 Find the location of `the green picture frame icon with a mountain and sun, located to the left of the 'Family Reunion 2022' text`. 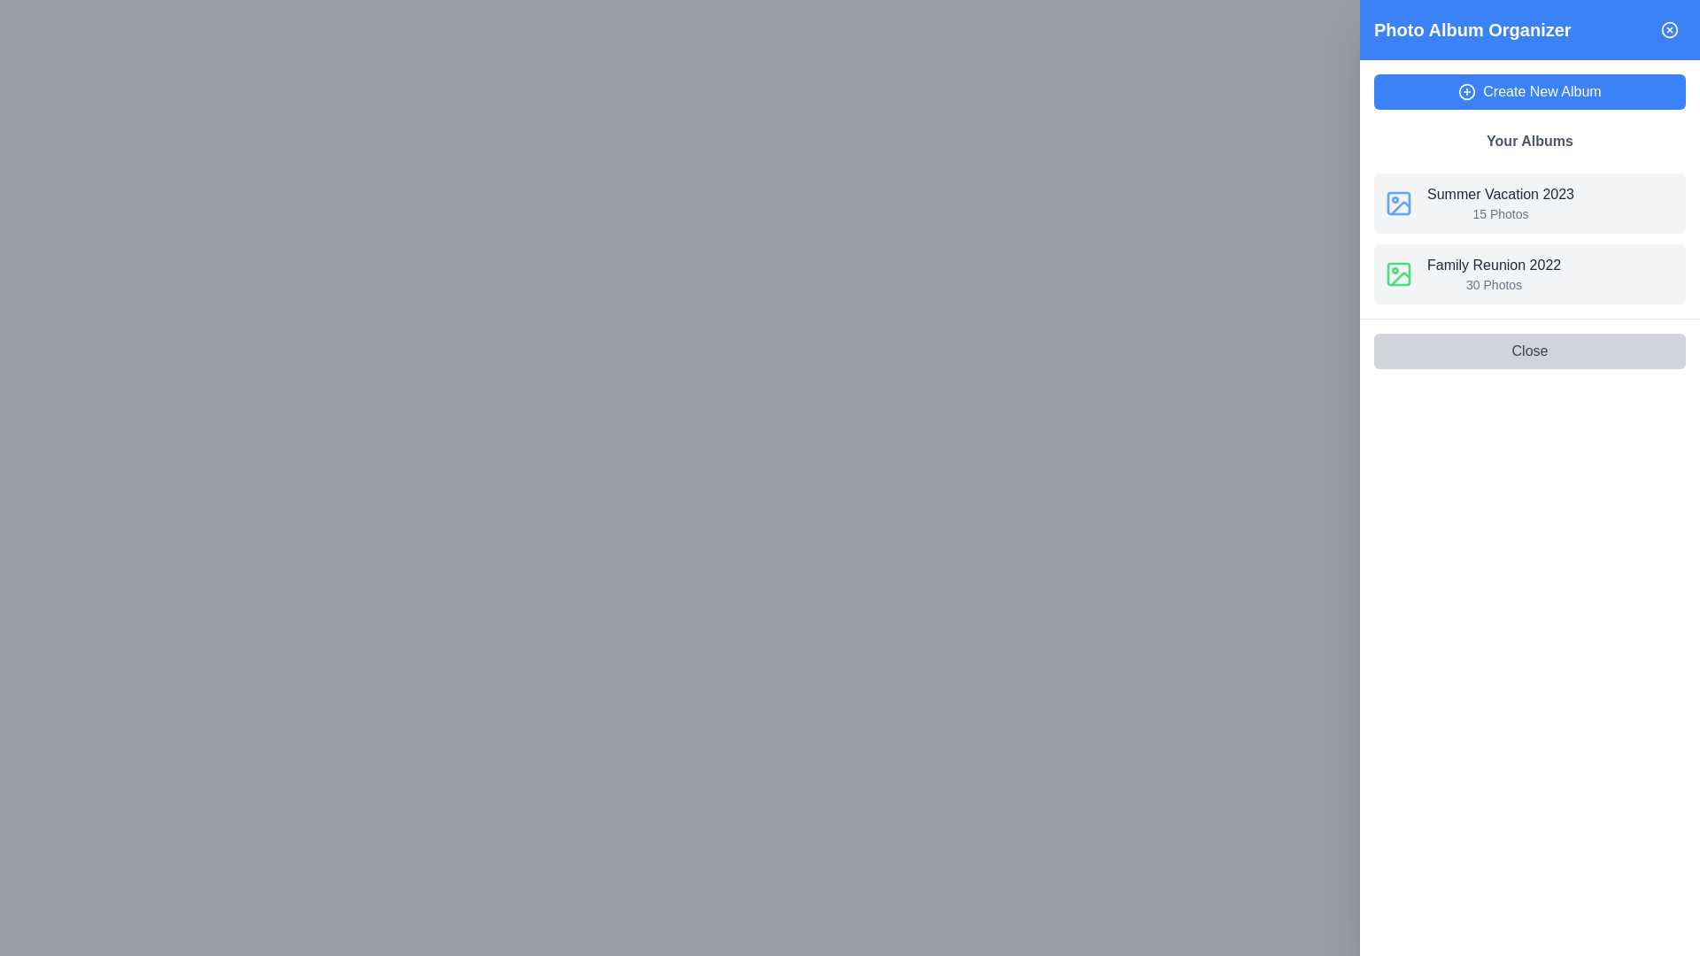

the green picture frame icon with a mountain and sun, located to the left of the 'Family Reunion 2022' text is located at coordinates (1397, 274).